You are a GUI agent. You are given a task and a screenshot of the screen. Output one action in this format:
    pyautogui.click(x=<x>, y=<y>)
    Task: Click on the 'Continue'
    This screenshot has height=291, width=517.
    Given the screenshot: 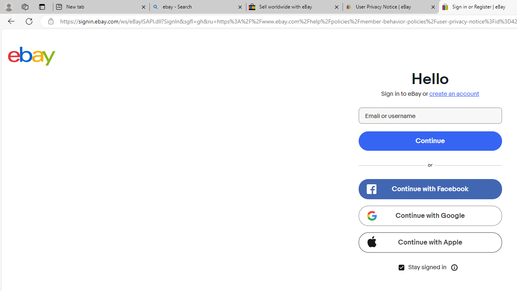 What is the action you would take?
    pyautogui.click(x=429, y=140)
    